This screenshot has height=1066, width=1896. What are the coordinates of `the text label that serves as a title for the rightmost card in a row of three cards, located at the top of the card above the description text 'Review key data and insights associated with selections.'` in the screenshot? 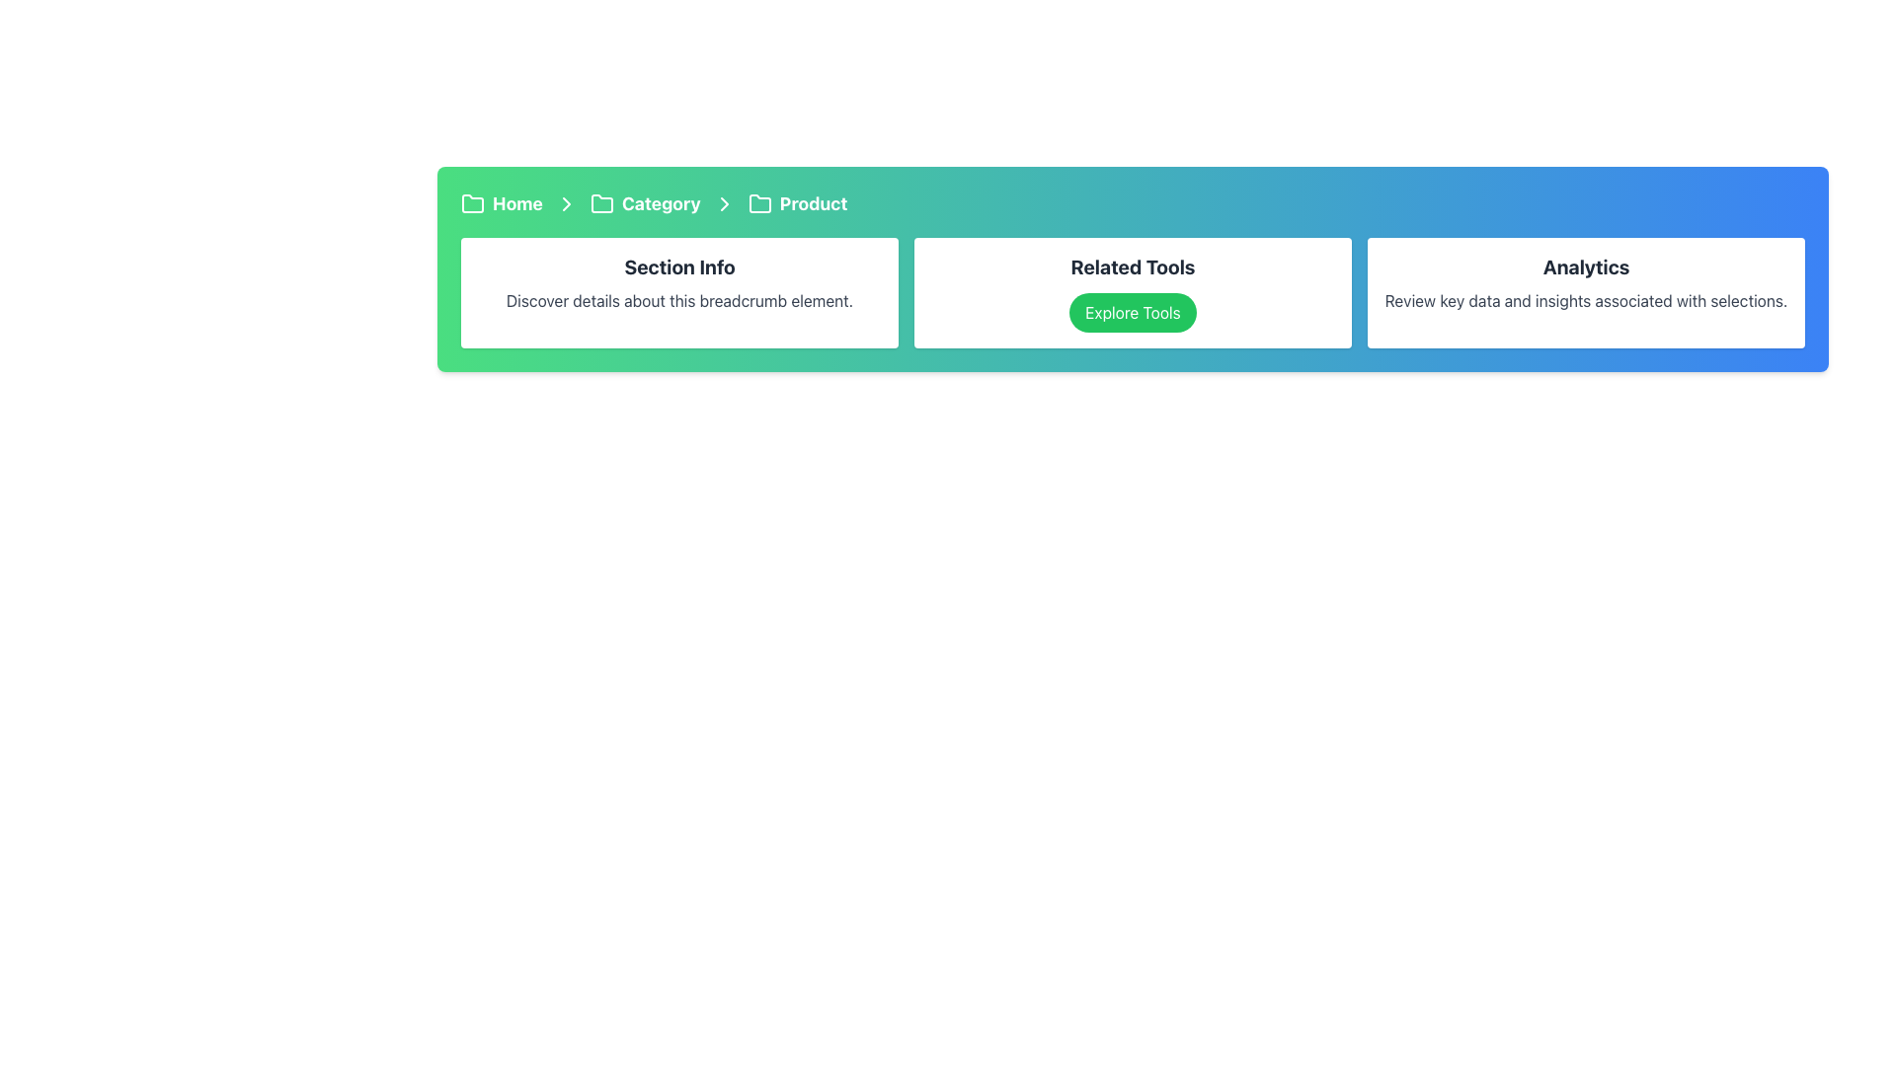 It's located at (1586, 266).